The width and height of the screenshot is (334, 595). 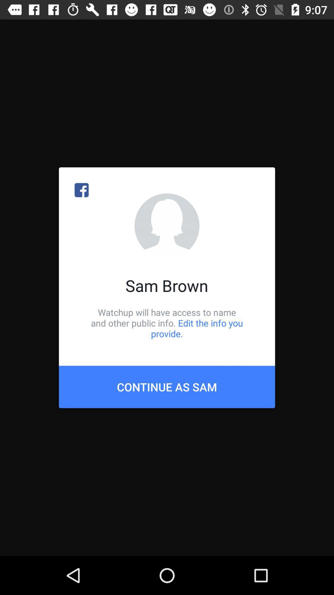 What do you see at coordinates (167, 323) in the screenshot?
I see `watchup will have item` at bounding box center [167, 323].